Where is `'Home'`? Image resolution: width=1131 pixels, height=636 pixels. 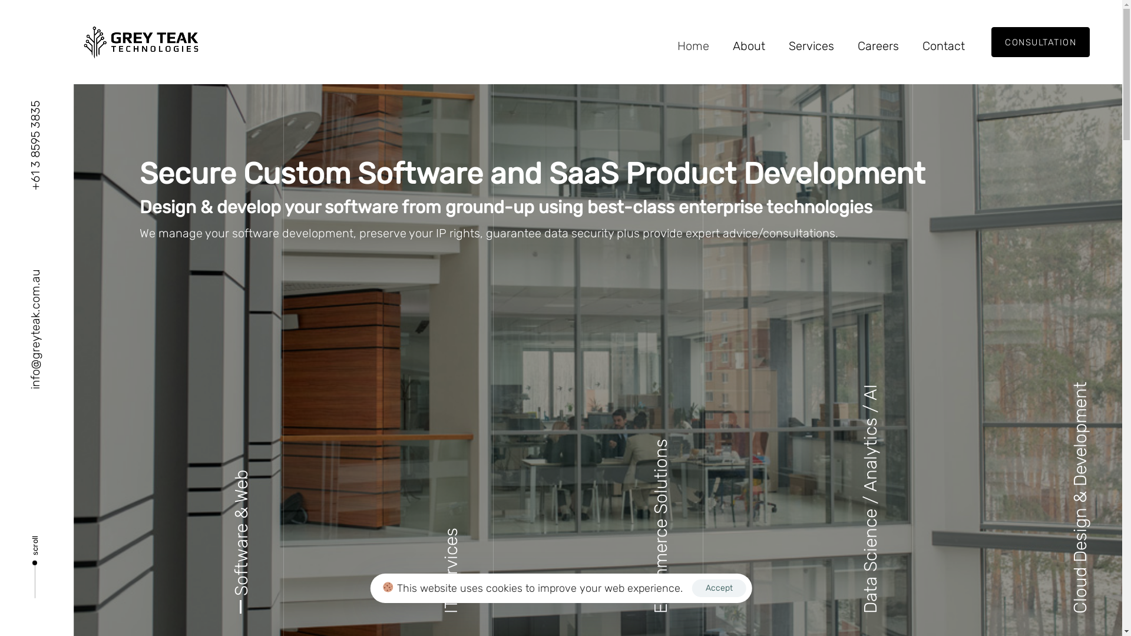
'Home' is located at coordinates (665, 45).